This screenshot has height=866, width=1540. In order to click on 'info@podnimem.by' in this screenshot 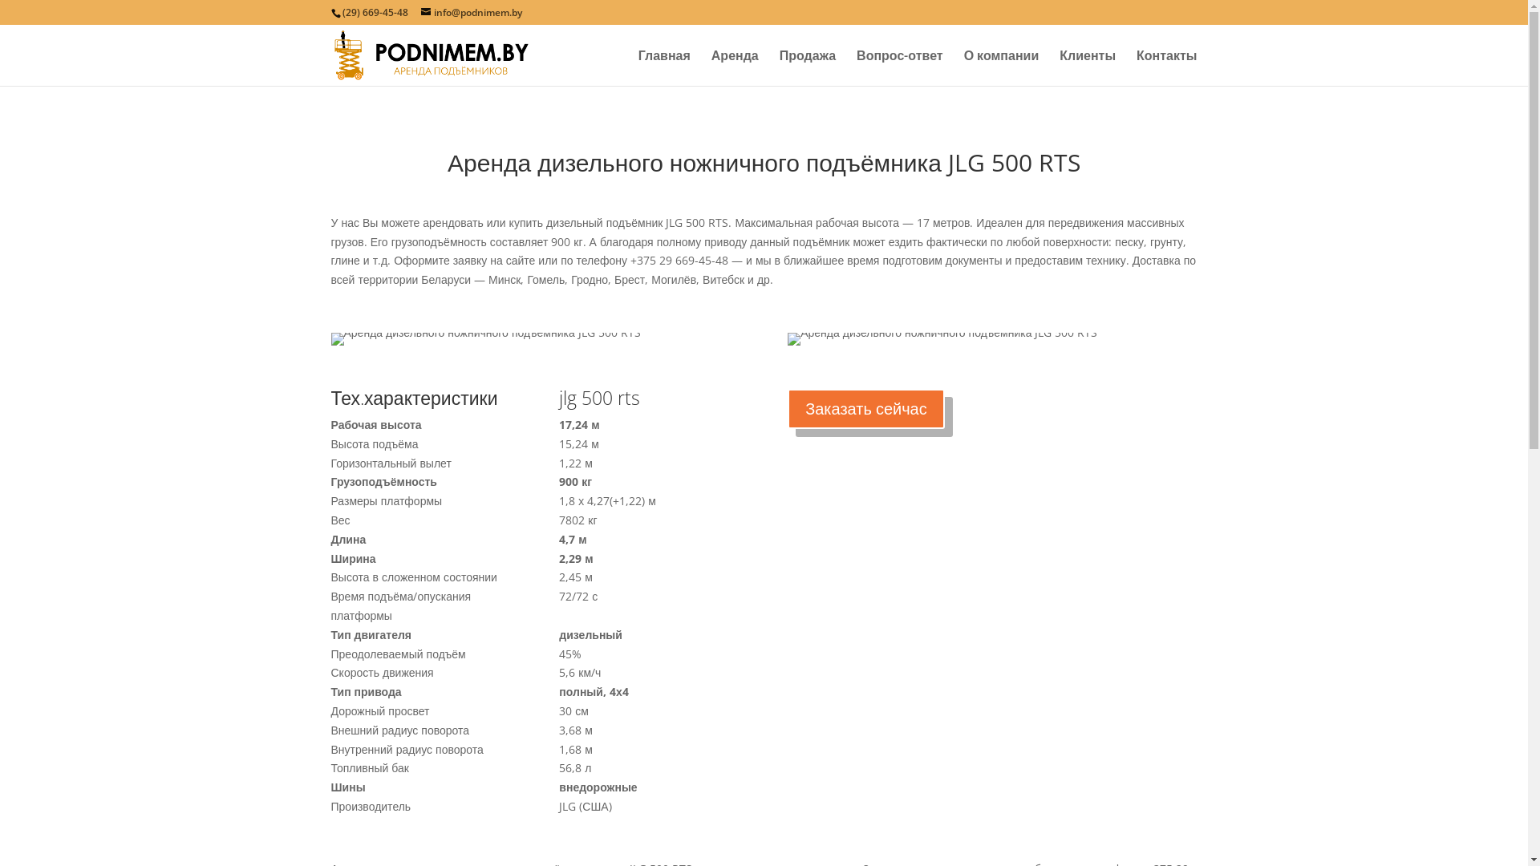, I will do `click(469, 12)`.